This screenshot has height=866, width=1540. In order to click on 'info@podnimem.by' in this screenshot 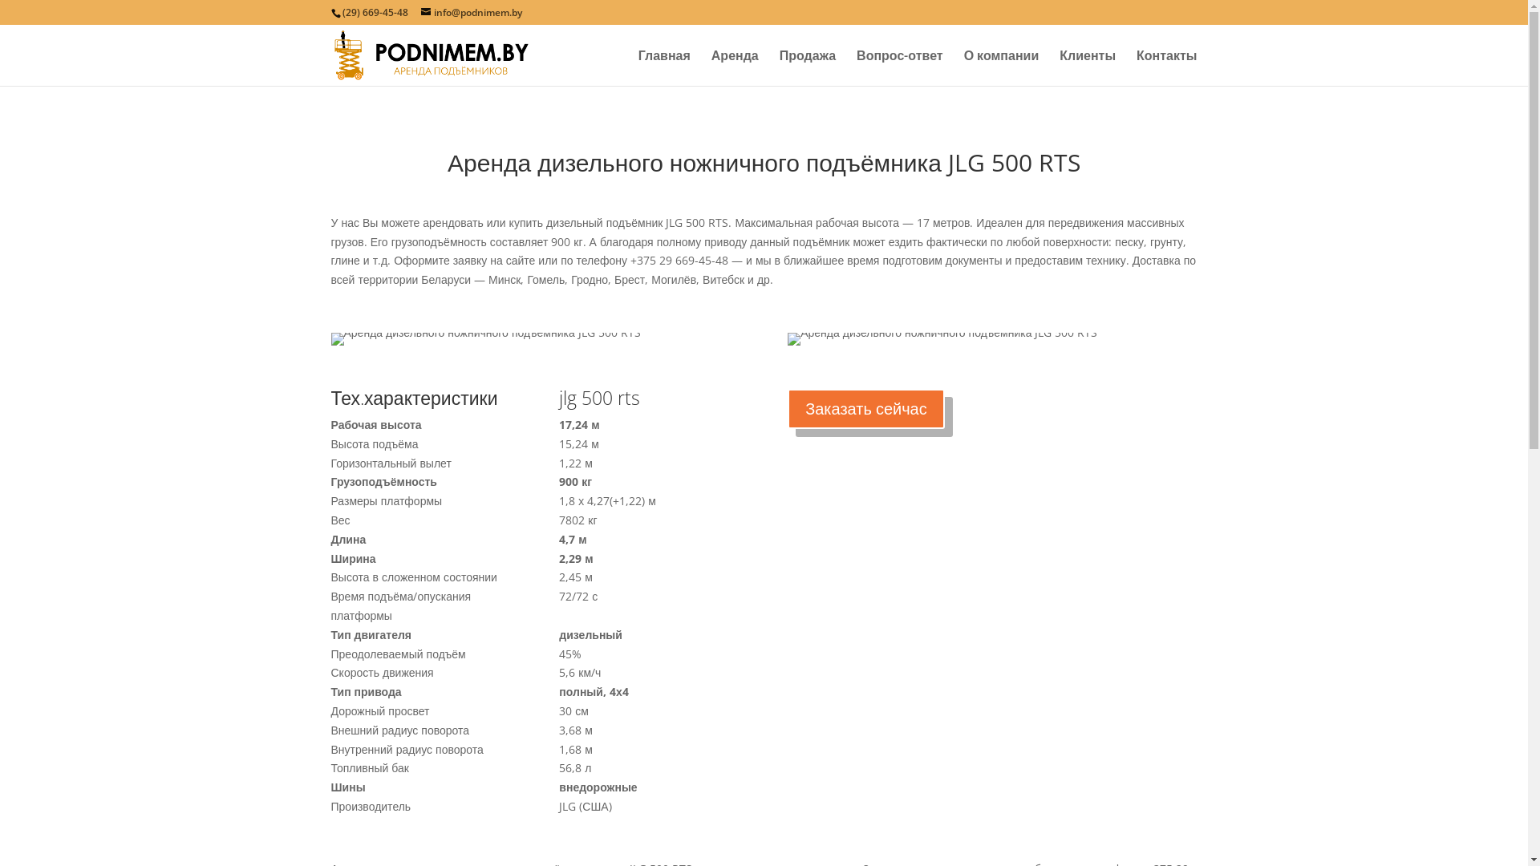, I will do `click(469, 12)`.